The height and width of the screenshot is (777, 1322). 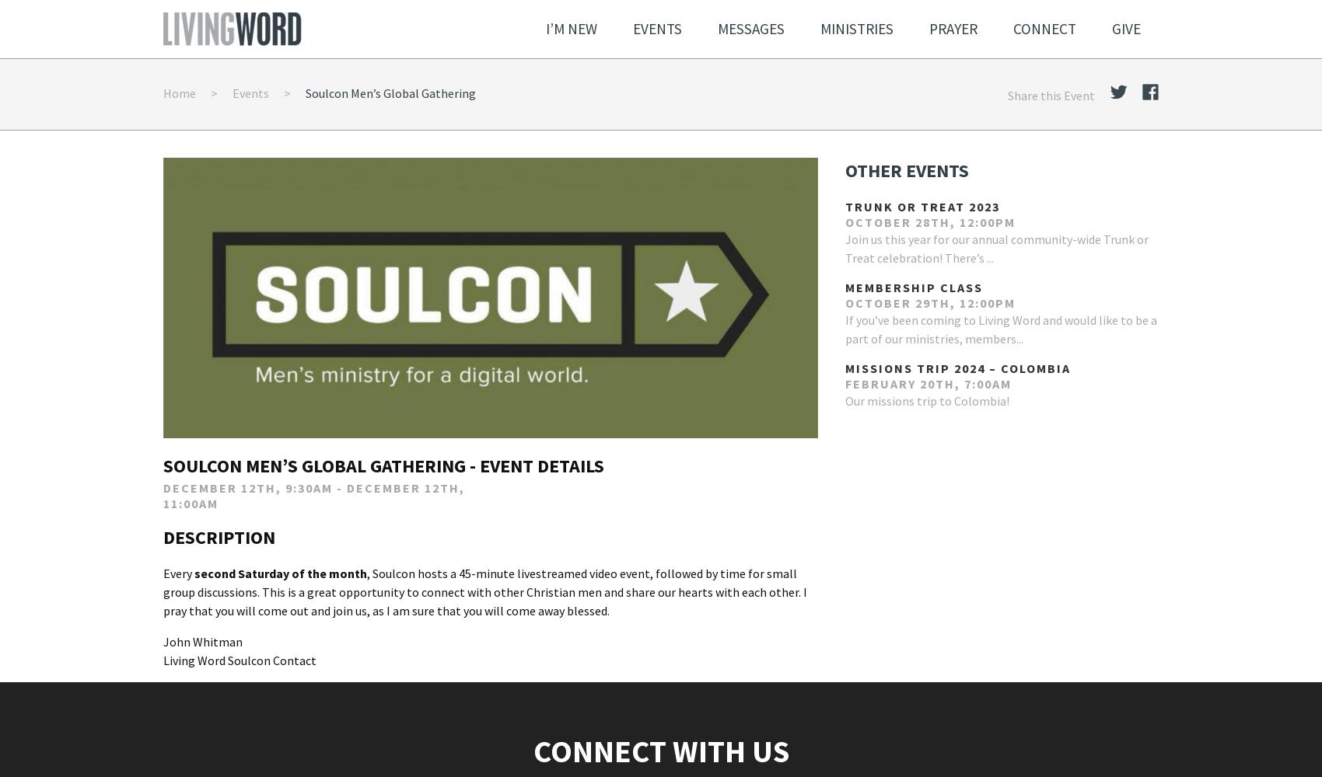 I want to click on 'Living Word Soulcon Contact', so click(x=240, y=659).